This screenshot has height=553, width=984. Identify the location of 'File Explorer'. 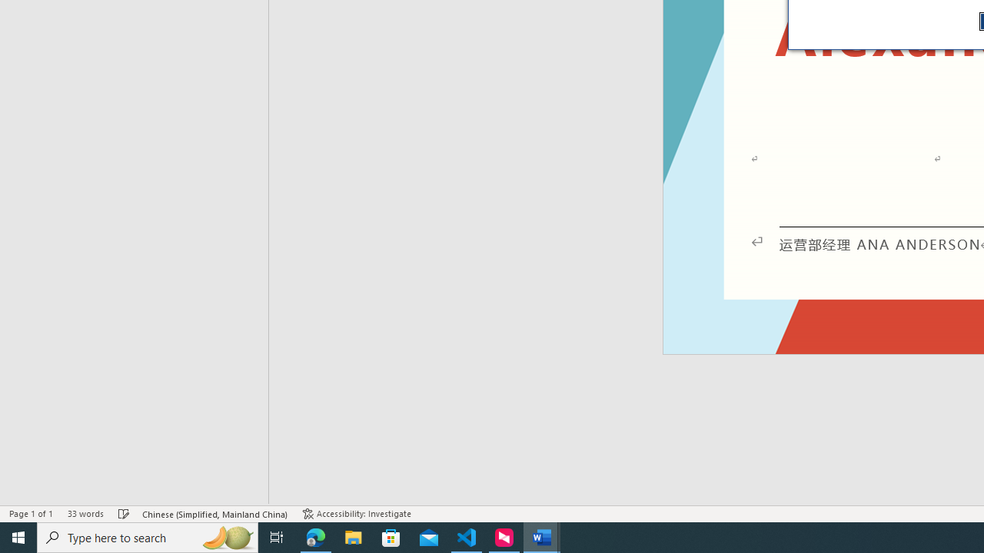
(353, 536).